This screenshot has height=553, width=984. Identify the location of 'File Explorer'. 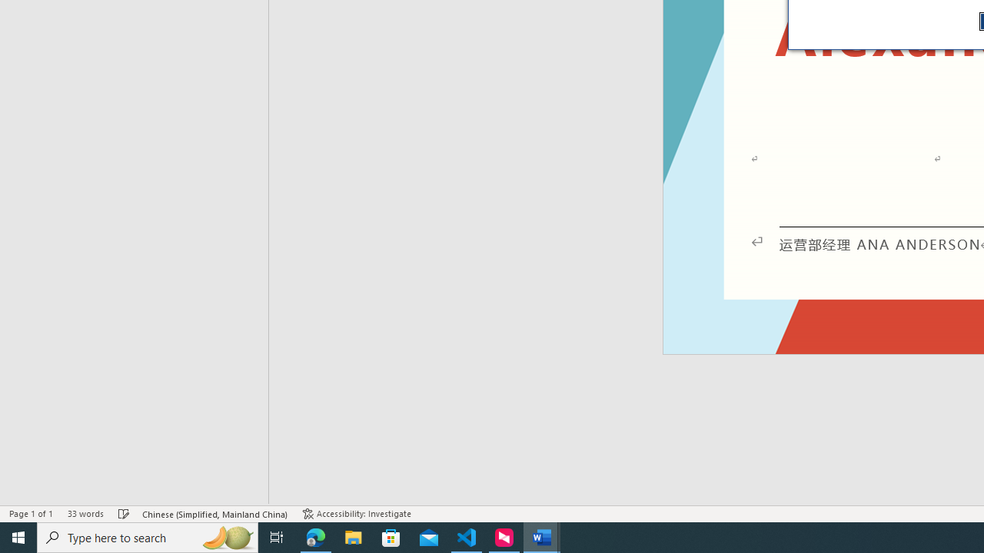
(353, 536).